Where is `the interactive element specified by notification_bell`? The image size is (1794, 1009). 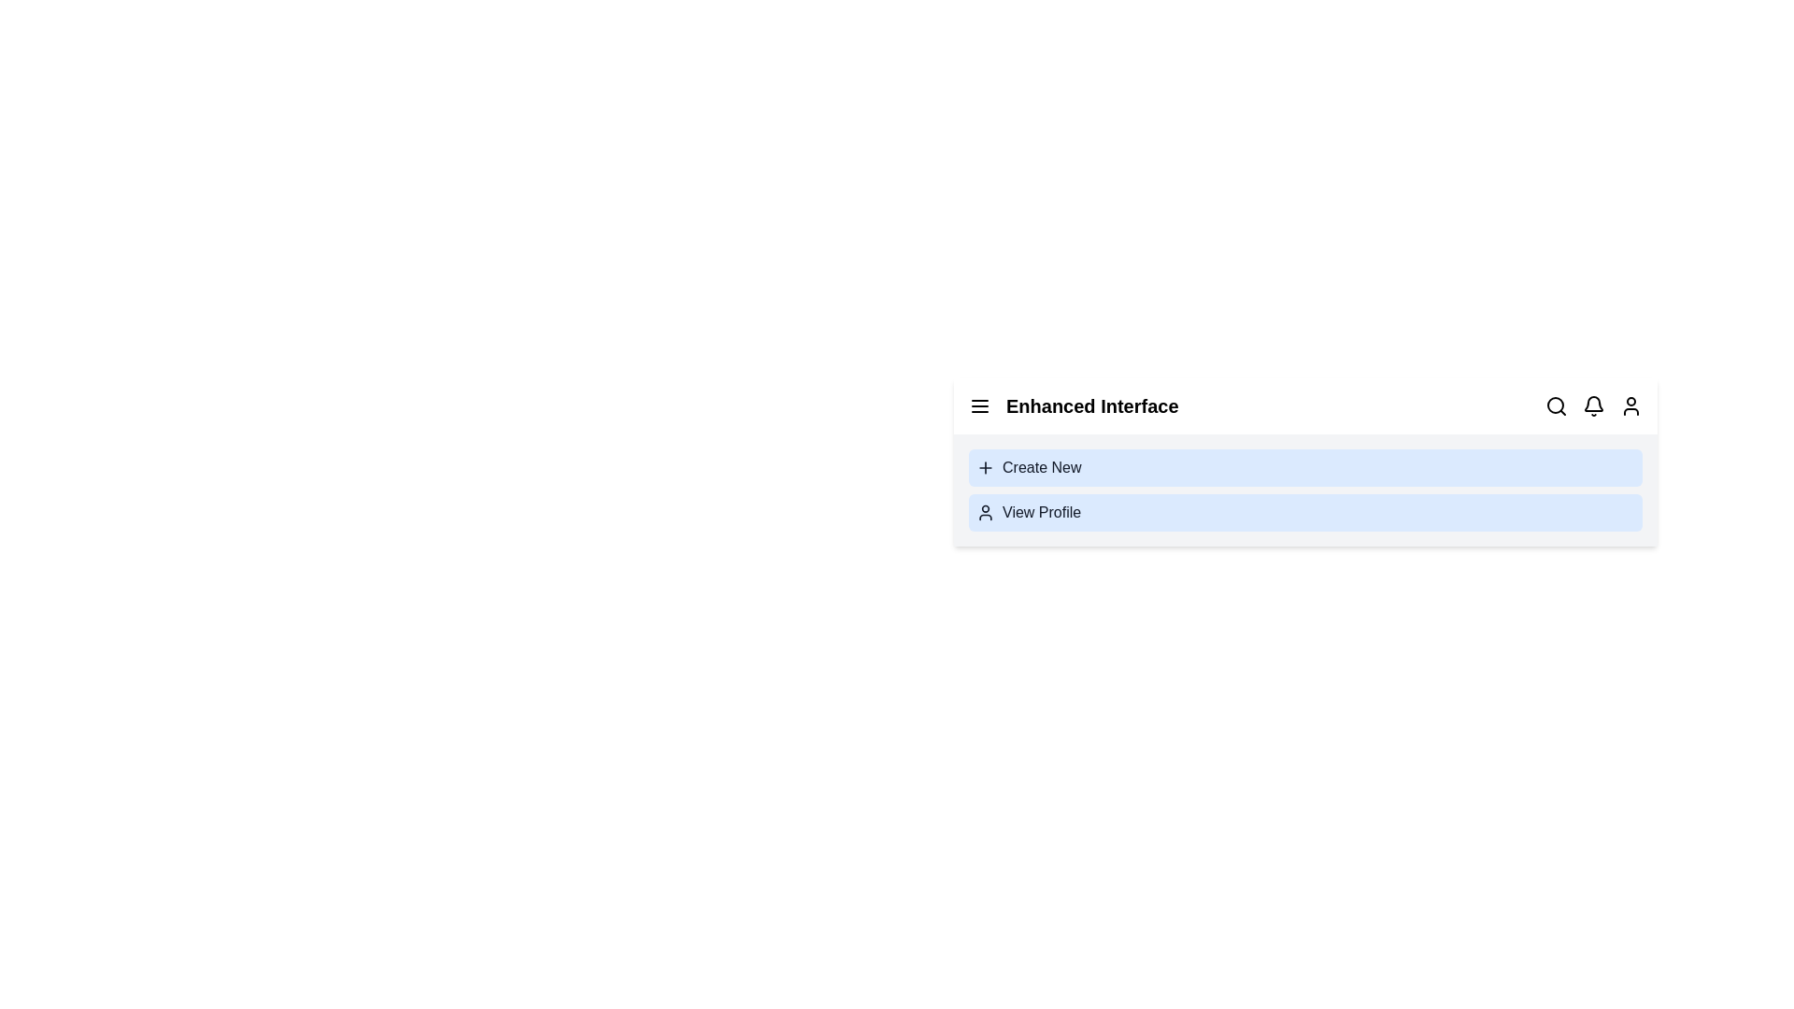
the interactive element specified by notification_bell is located at coordinates (1592, 405).